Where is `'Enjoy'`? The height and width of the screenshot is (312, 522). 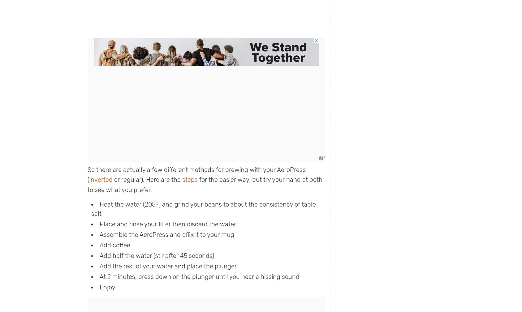 'Enjoy' is located at coordinates (107, 287).